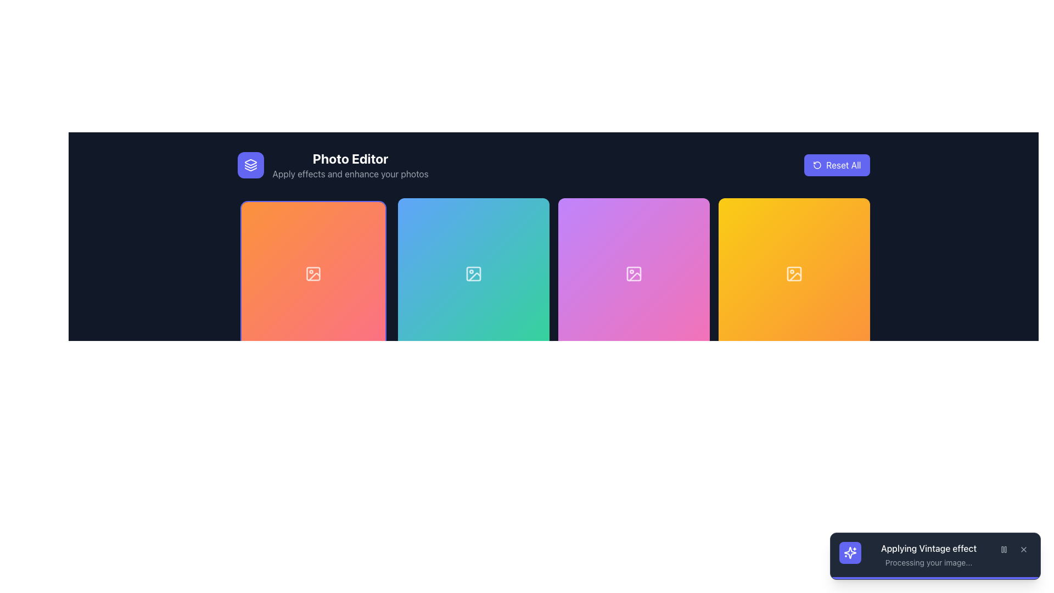  Describe the element at coordinates (794, 273) in the screenshot. I see `the icon representing an image or picture located in the fourth square of a row of four squares` at that location.